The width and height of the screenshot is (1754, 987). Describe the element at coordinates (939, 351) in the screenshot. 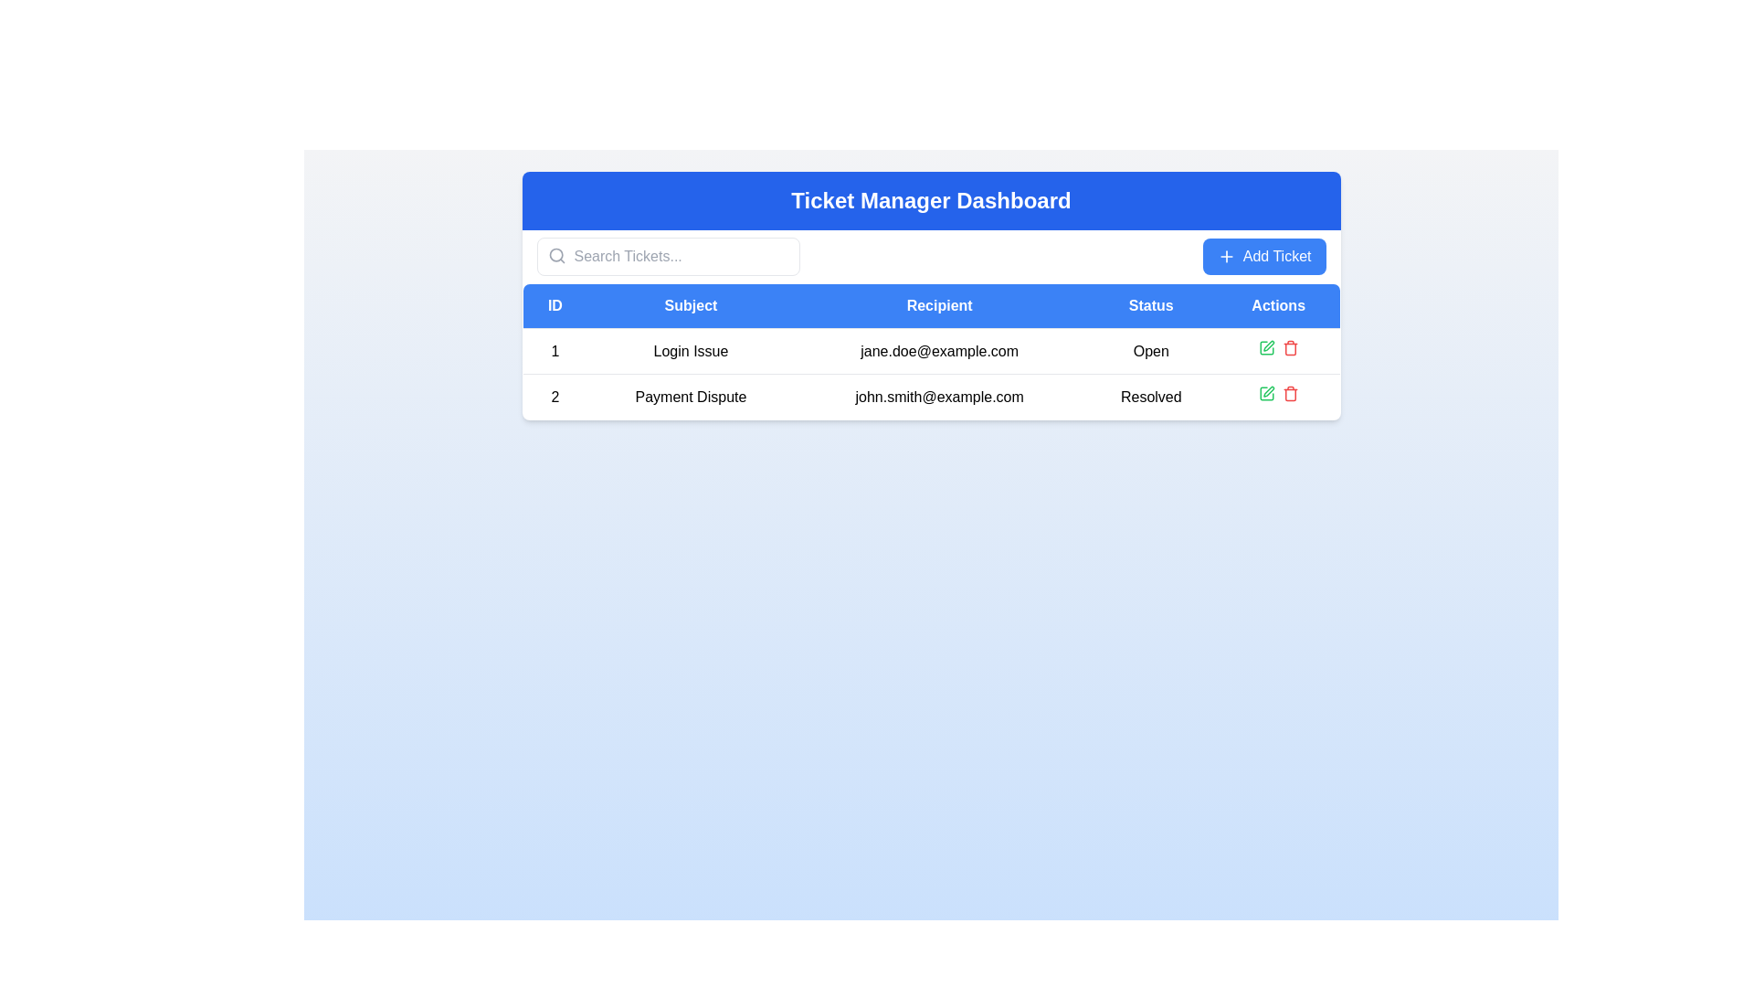

I see `the text label displaying the email address 'jane.doe@example.com' in the 'Recipient' column of the first row of the data table` at that location.